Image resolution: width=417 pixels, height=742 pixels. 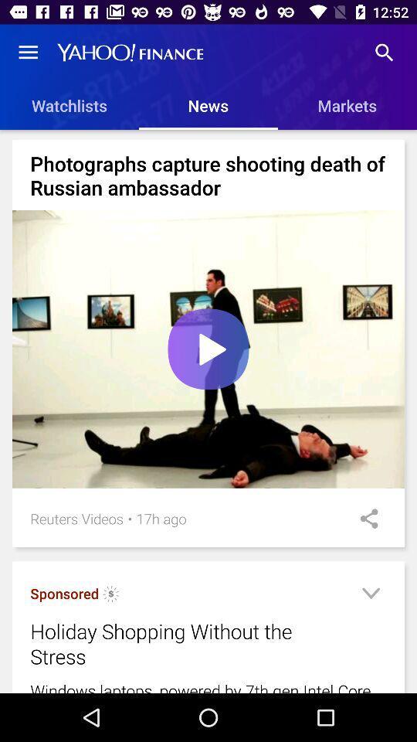 What do you see at coordinates (210, 138) in the screenshot?
I see `the item below the watchlists item` at bounding box center [210, 138].